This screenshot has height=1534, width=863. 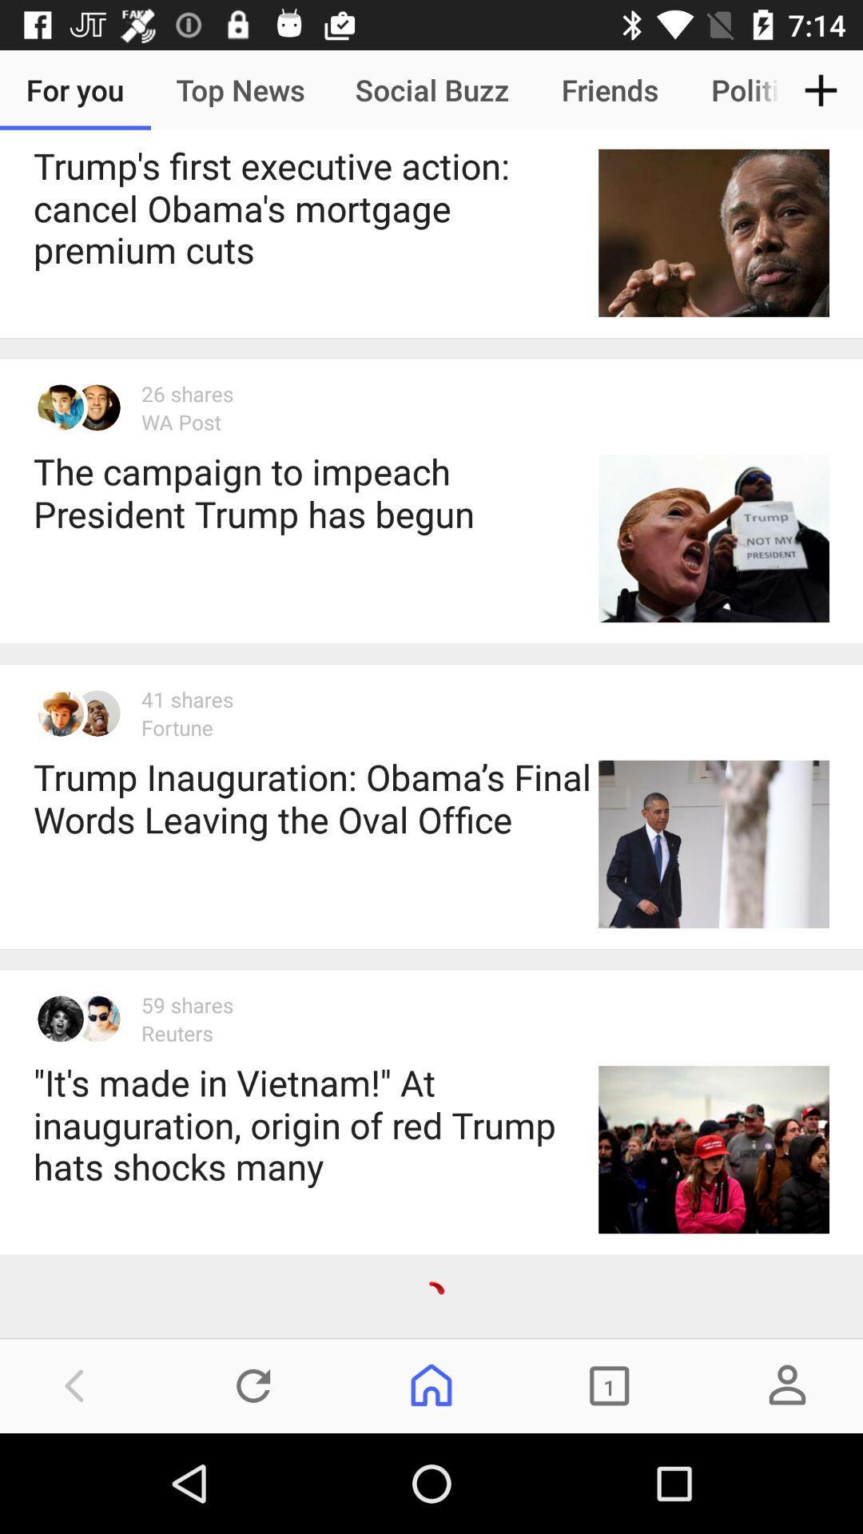 I want to click on the add icon, so click(x=821, y=89).